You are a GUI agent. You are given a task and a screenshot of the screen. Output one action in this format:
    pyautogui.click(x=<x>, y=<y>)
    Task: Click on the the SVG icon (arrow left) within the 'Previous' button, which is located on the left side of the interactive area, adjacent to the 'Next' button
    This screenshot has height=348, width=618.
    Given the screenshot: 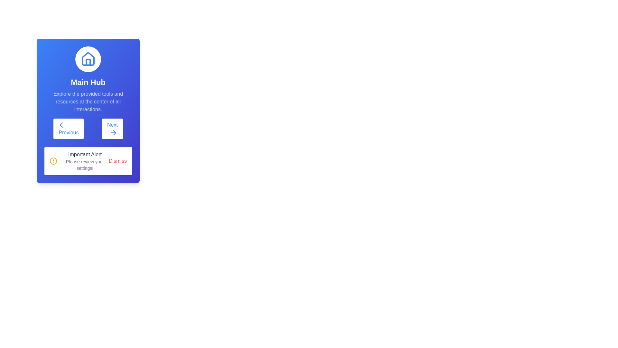 What is the action you would take?
    pyautogui.click(x=62, y=125)
    